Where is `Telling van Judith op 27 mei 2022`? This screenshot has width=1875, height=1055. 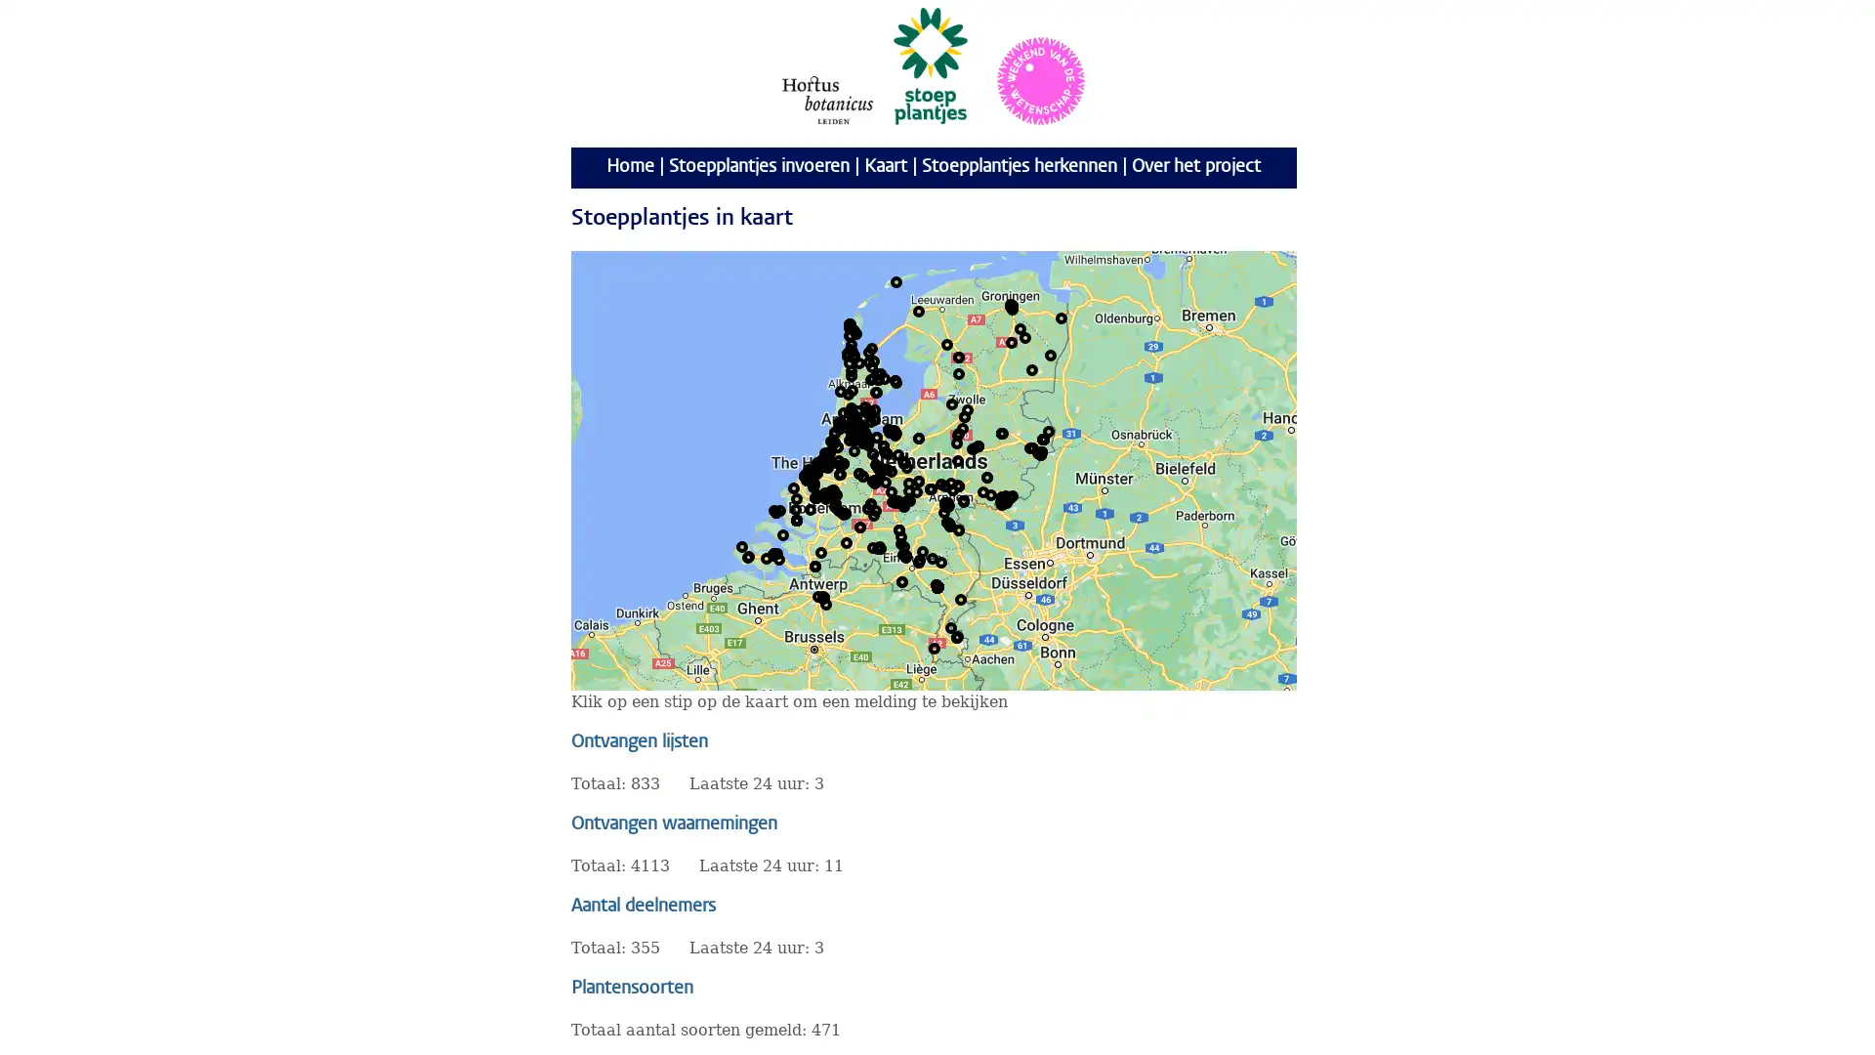
Telling van Judith op 27 mei 2022 is located at coordinates (772, 553).